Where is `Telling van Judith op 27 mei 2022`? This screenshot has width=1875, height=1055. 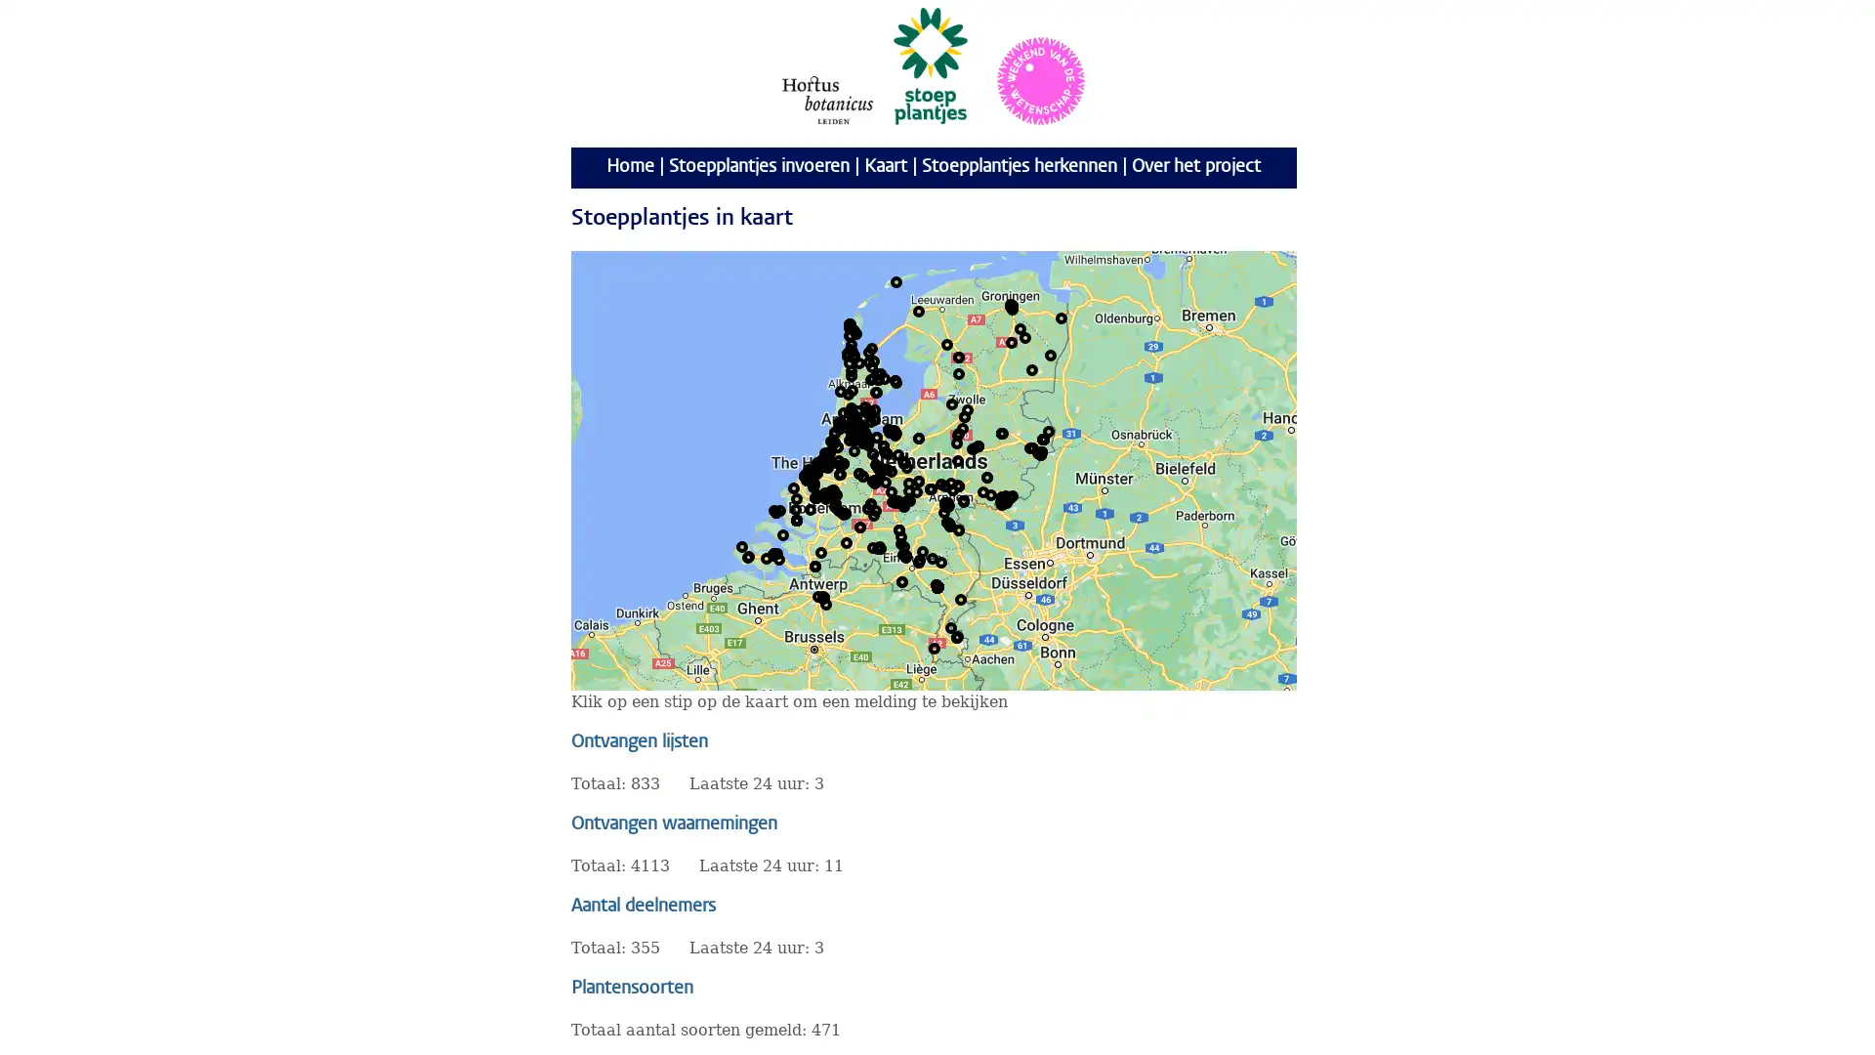
Telling van Judith op 27 mei 2022 is located at coordinates (772, 553).